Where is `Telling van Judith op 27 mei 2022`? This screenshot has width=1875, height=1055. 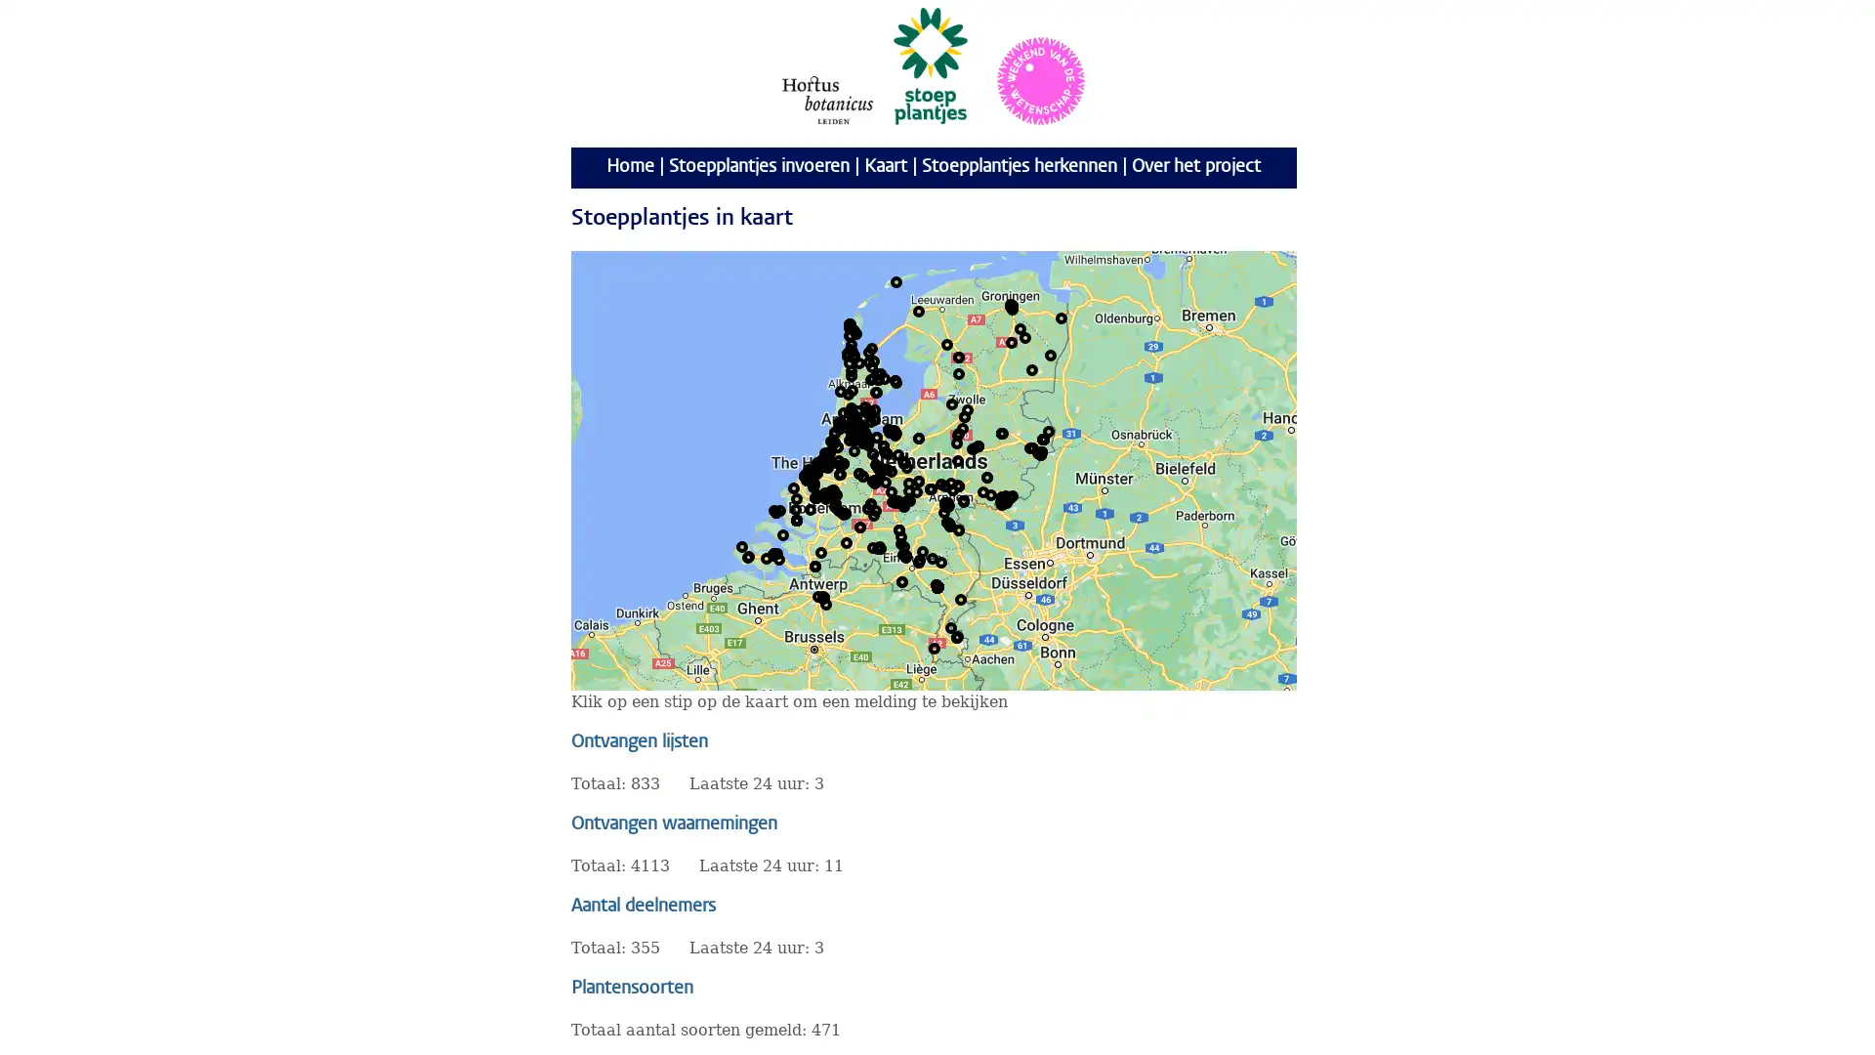
Telling van Judith op 27 mei 2022 is located at coordinates (772, 553).